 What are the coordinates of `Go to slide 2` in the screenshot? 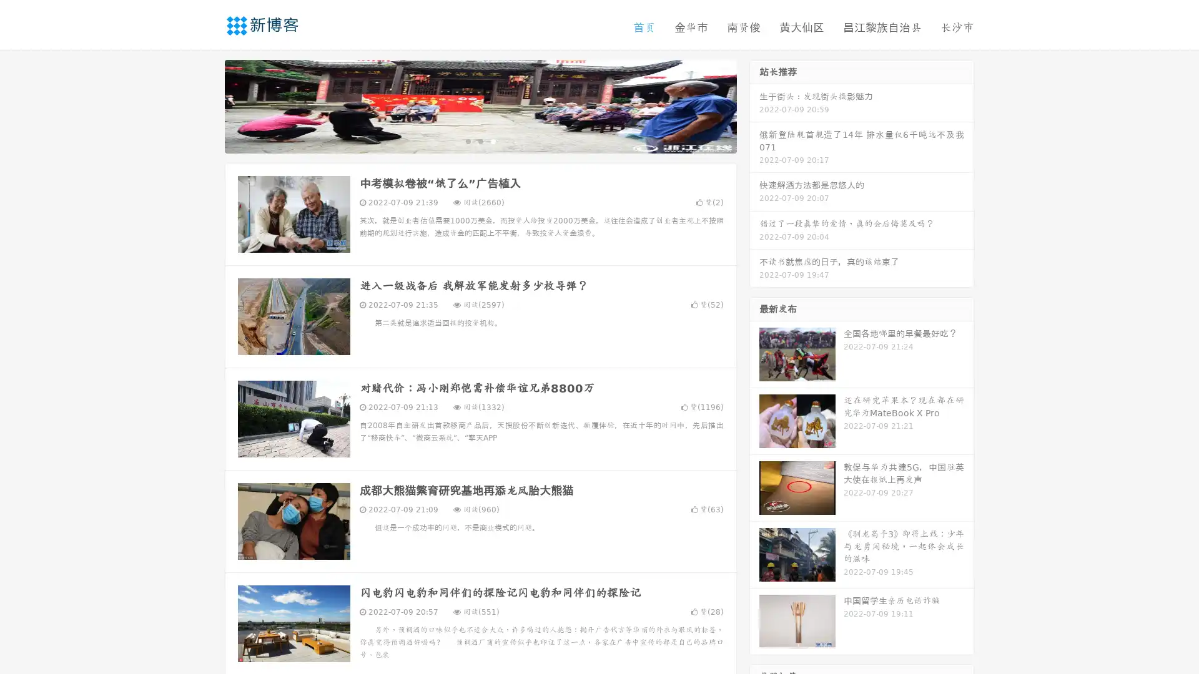 It's located at (480, 140).